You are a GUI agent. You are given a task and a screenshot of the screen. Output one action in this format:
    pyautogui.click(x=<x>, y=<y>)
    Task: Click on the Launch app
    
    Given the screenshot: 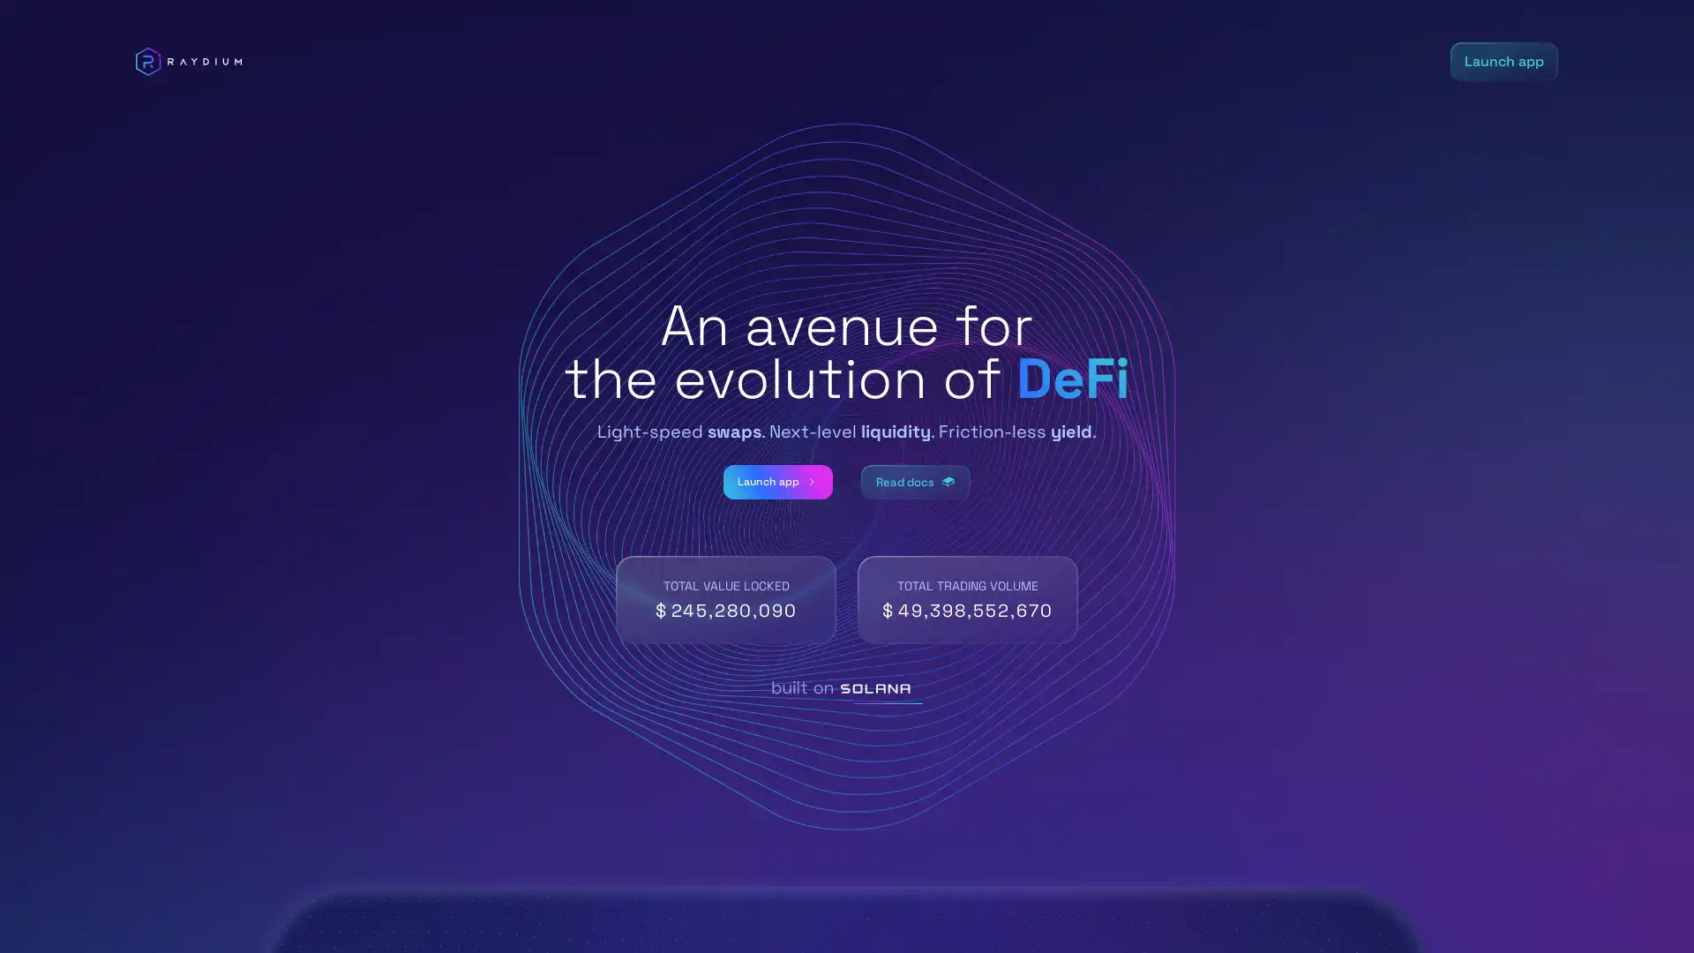 What is the action you would take?
    pyautogui.click(x=766, y=482)
    